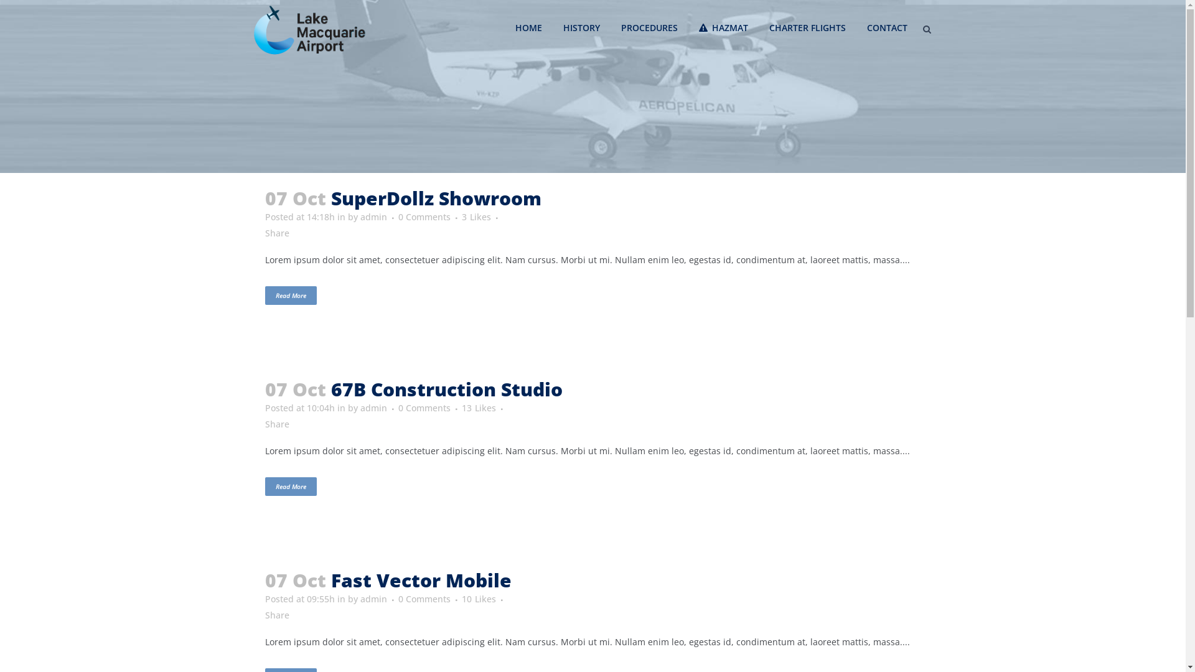 Image resolution: width=1195 pixels, height=672 pixels. Describe the element at coordinates (331, 197) in the screenshot. I see `'SuperDollz Showroom'` at that location.